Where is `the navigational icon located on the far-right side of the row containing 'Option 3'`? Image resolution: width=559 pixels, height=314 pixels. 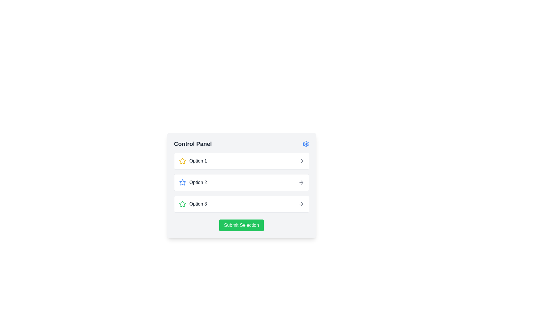 the navigational icon located on the far-right side of the row containing 'Option 3' is located at coordinates (301, 204).